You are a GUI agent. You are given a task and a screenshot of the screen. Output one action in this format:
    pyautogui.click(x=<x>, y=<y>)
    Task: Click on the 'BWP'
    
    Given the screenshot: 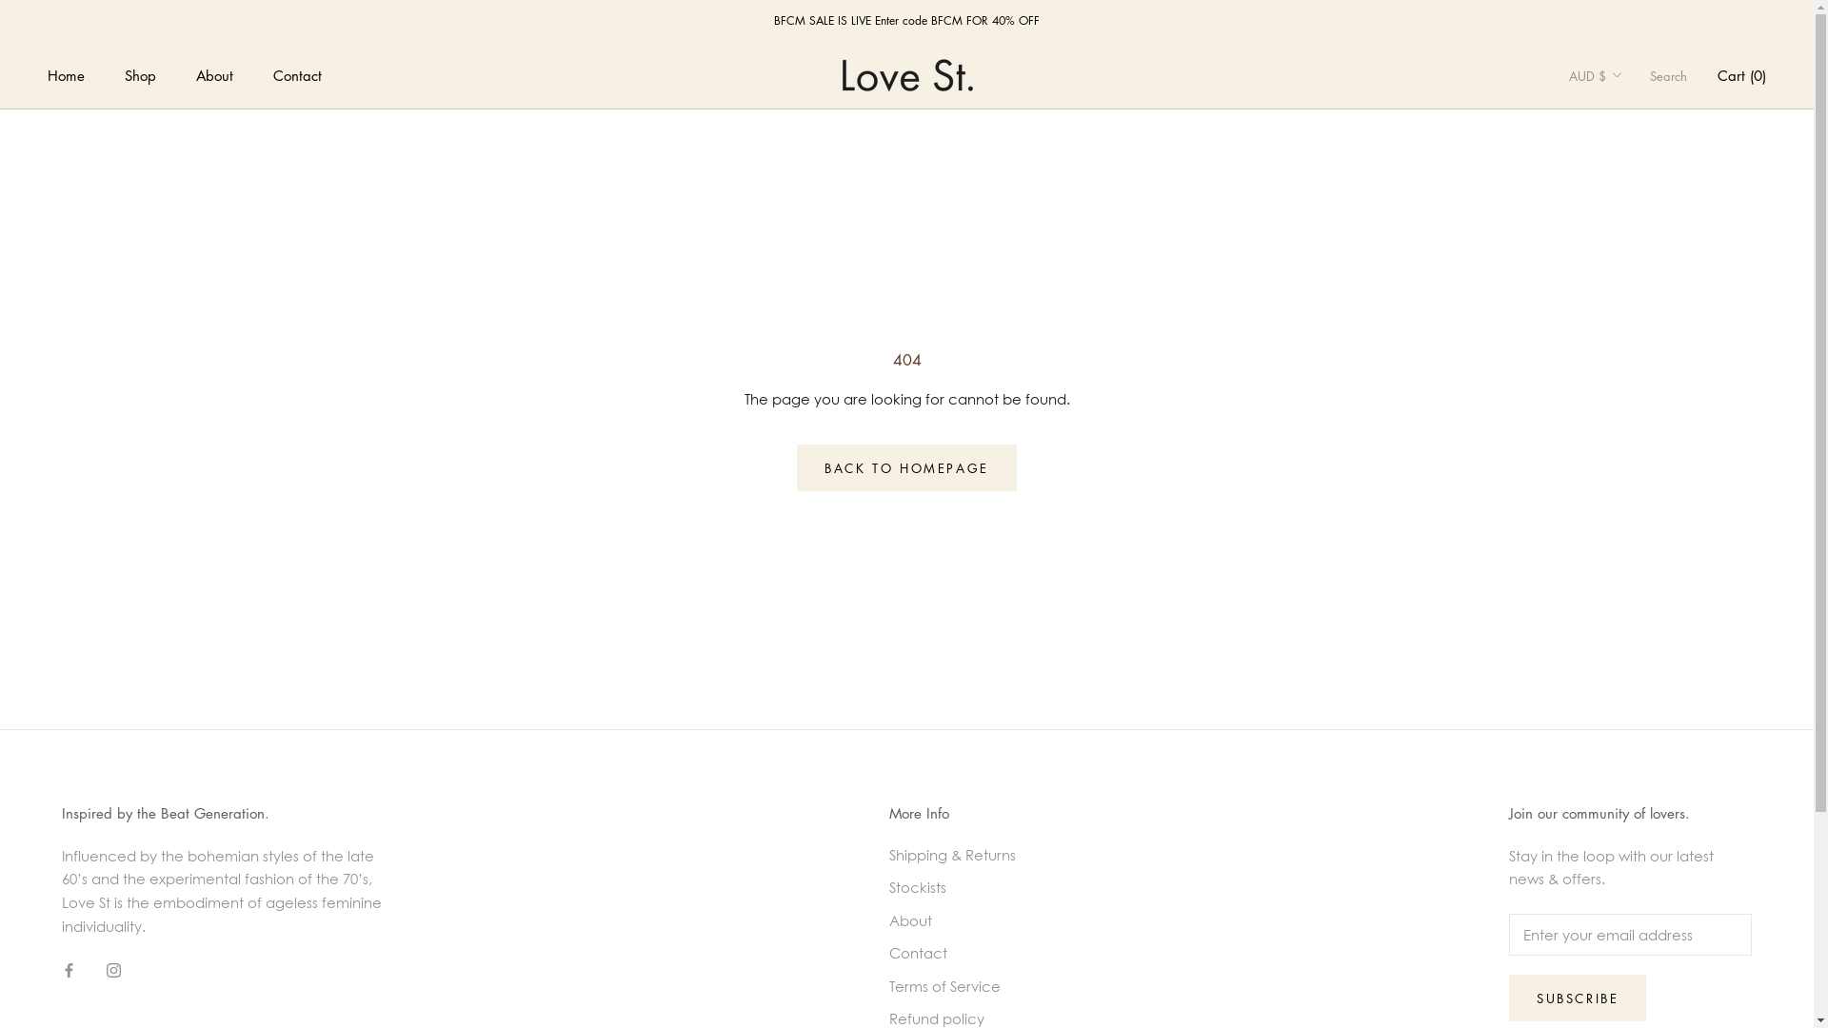 What is the action you would take?
    pyautogui.click(x=1625, y=597)
    